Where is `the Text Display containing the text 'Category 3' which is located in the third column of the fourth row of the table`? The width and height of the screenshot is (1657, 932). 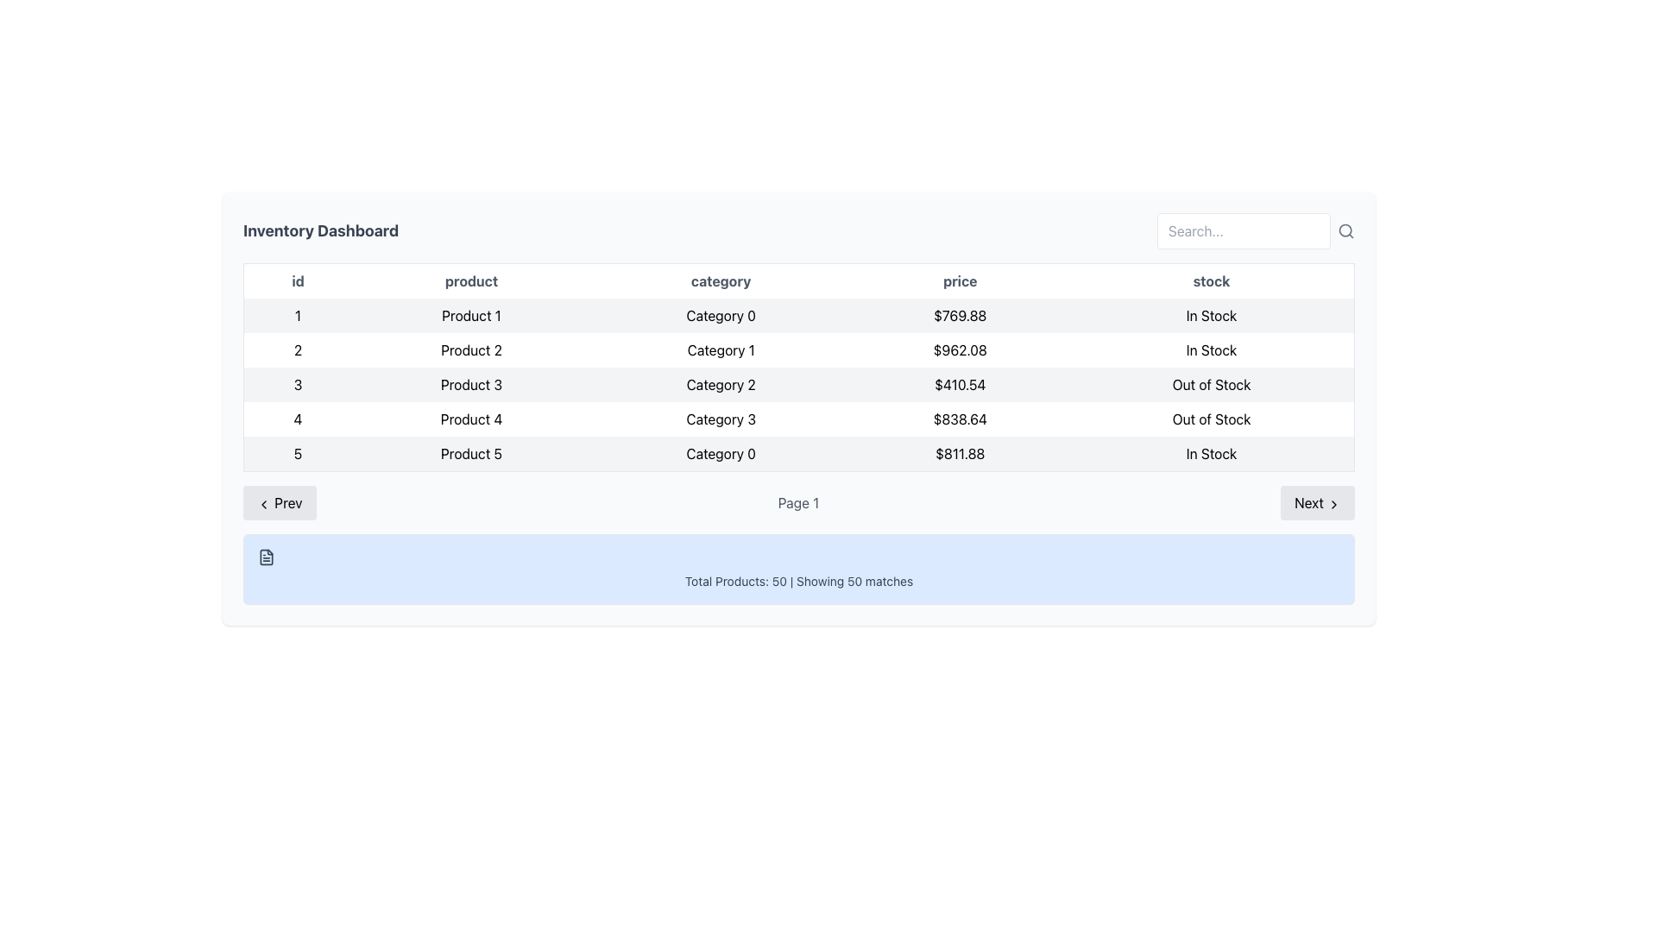 the Text Display containing the text 'Category 3' which is located in the third column of the fourth row of the table is located at coordinates (721, 419).